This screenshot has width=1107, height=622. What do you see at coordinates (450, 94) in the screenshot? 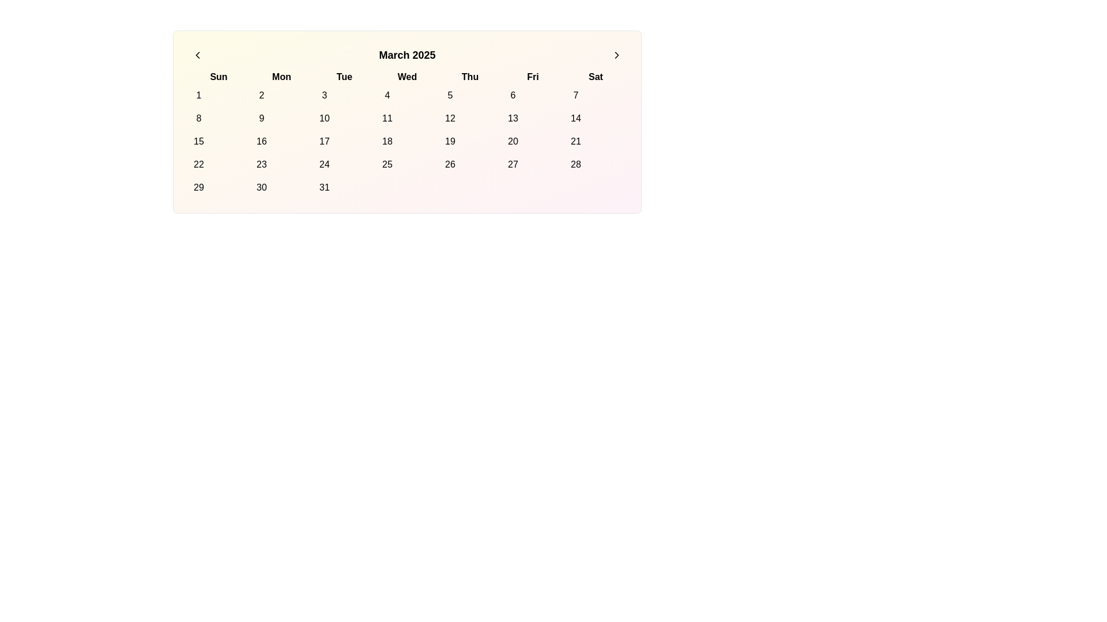
I see `the circular button with the number '5' in the calendar grid under the 'Thu' column to change its background color to pink` at bounding box center [450, 94].